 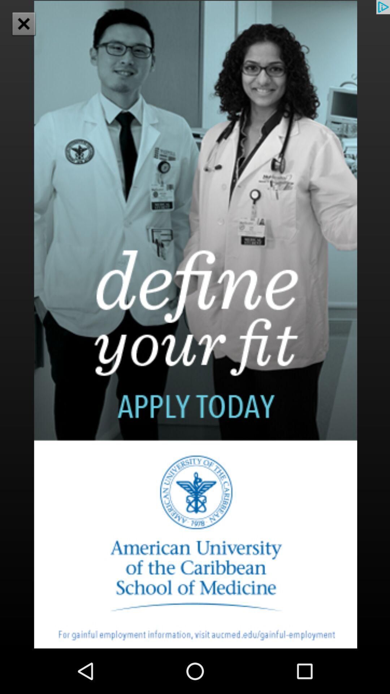 I want to click on the close icon, so click(x=23, y=25).